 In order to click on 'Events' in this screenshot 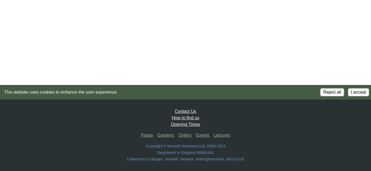, I will do `click(202, 135)`.